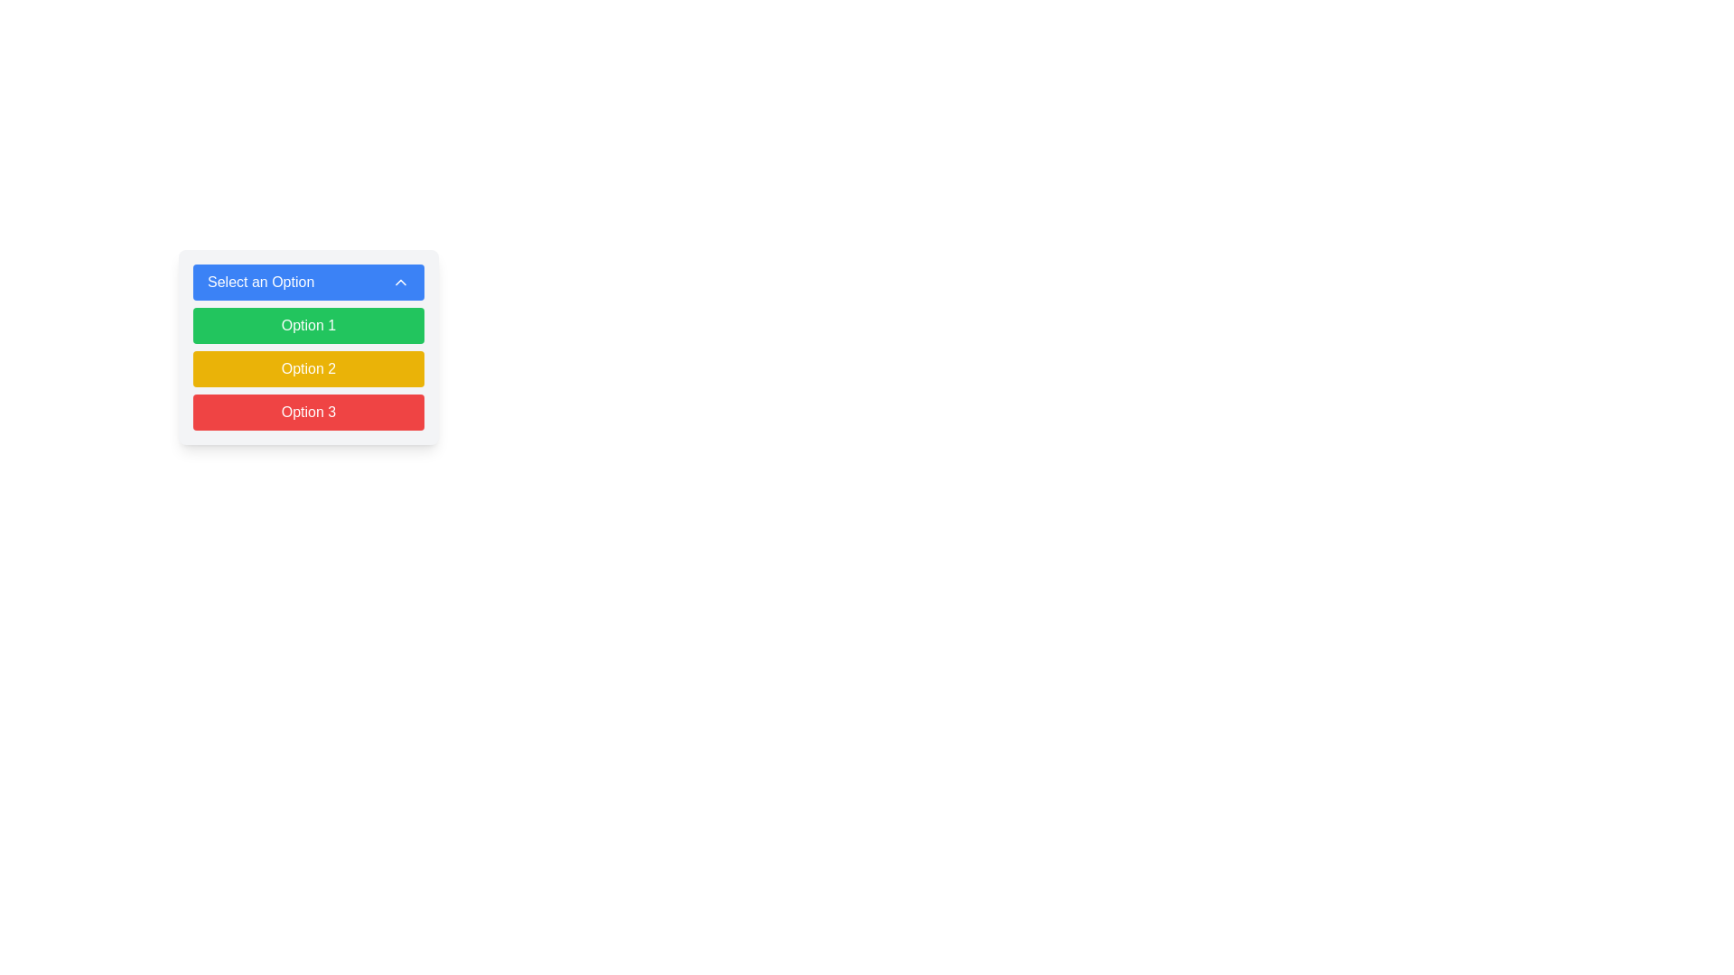 Image resolution: width=1734 pixels, height=975 pixels. I want to click on the 'Option 3' button, which is the third button in a vertically stacked list of buttons, so click(308, 412).